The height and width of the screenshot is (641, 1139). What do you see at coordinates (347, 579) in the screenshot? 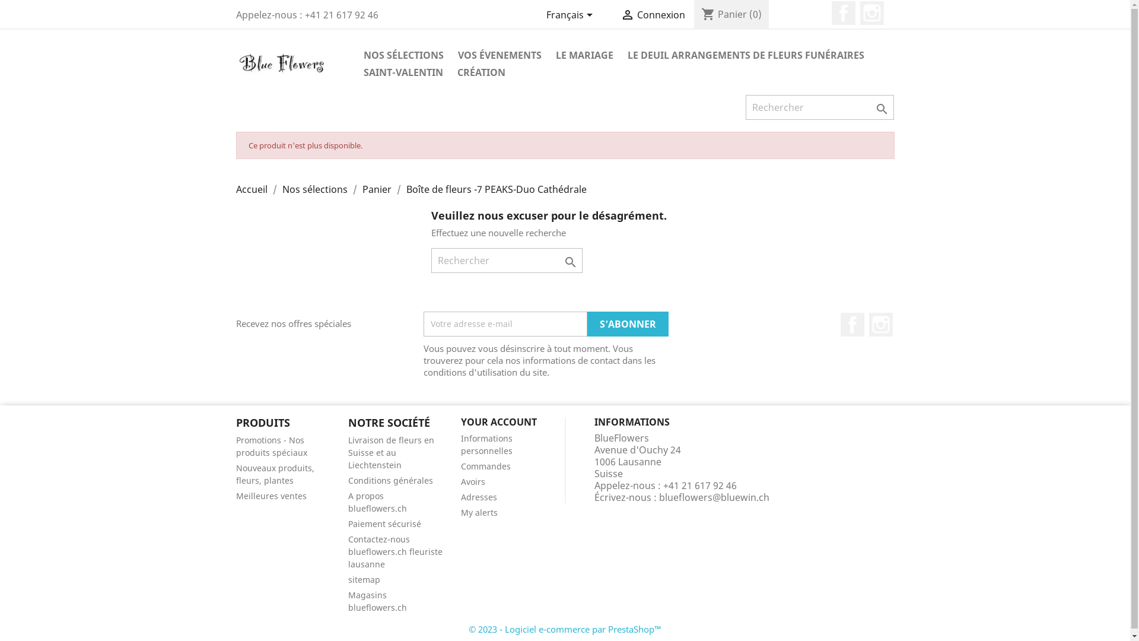
I see `'sitemap'` at bounding box center [347, 579].